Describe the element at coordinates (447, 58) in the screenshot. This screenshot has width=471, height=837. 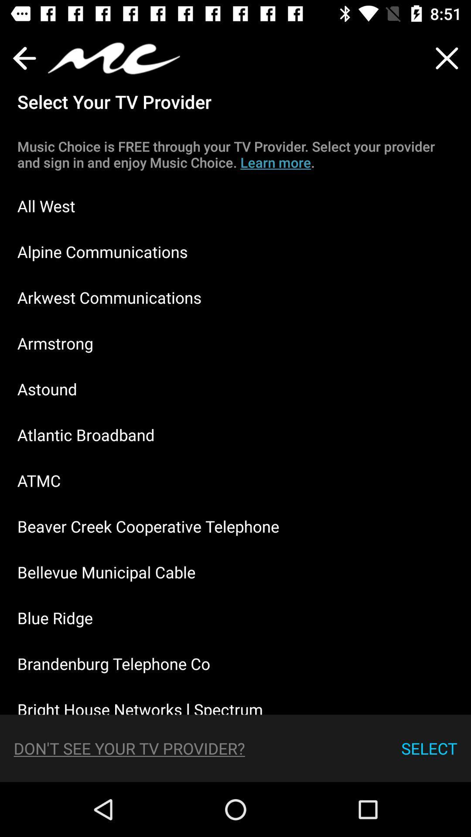
I see `the close icon` at that location.